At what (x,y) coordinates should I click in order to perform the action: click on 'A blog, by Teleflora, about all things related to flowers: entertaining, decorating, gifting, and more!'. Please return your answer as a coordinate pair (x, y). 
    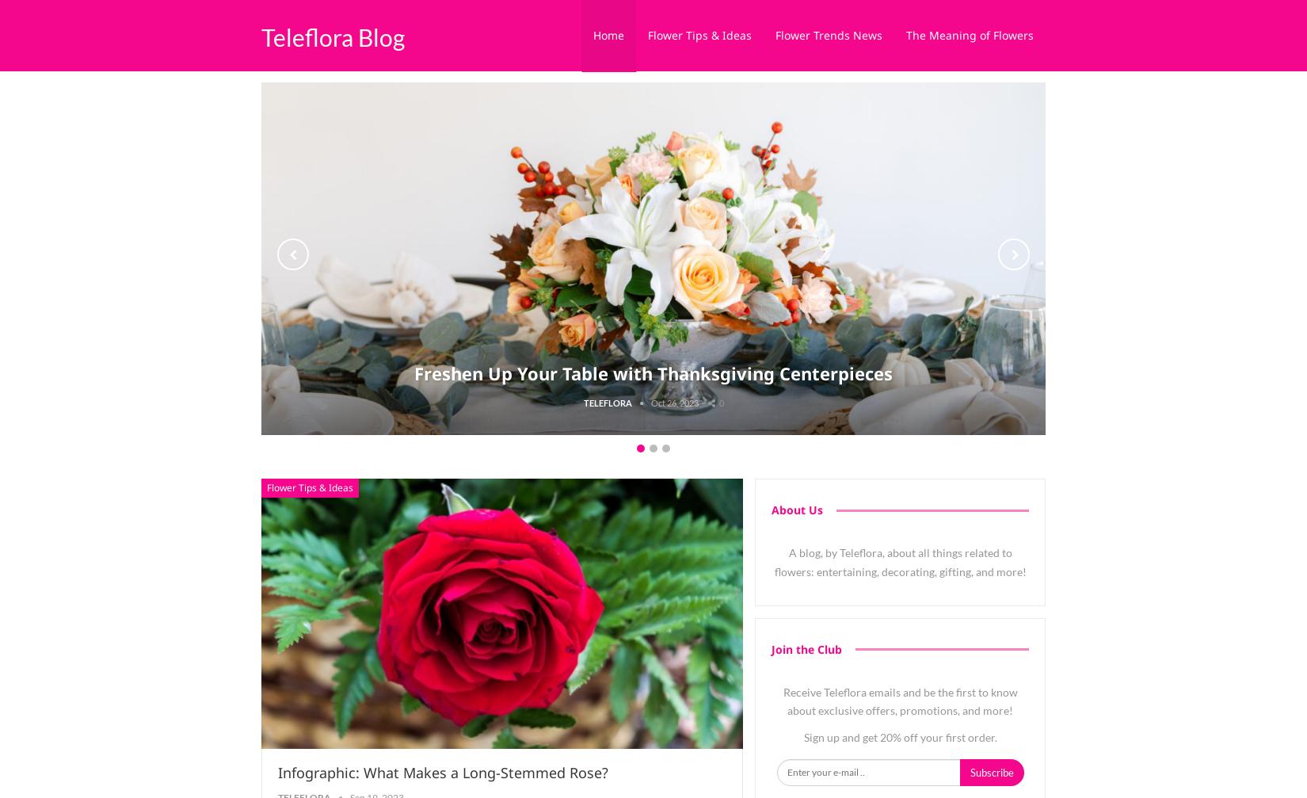
    Looking at the image, I should click on (773, 561).